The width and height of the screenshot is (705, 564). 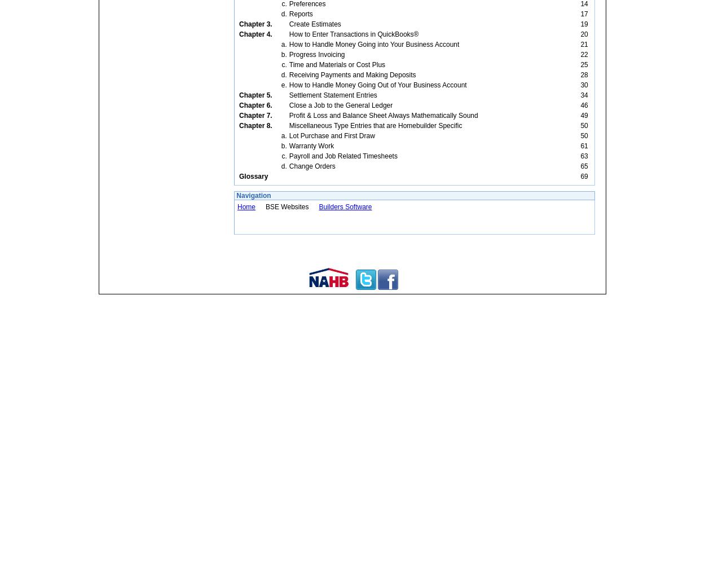 What do you see at coordinates (584, 54) in the screenshot?
I see `'22'` at bounding box center [584, 54].